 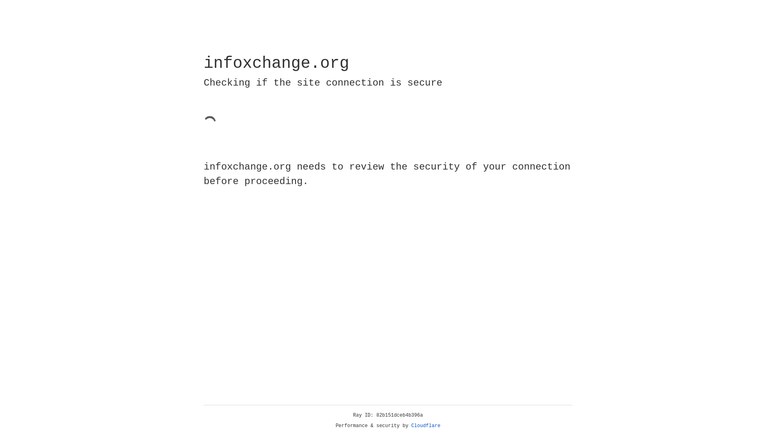 I want to click on 'Cloudflare', so click(x=411, y=426).